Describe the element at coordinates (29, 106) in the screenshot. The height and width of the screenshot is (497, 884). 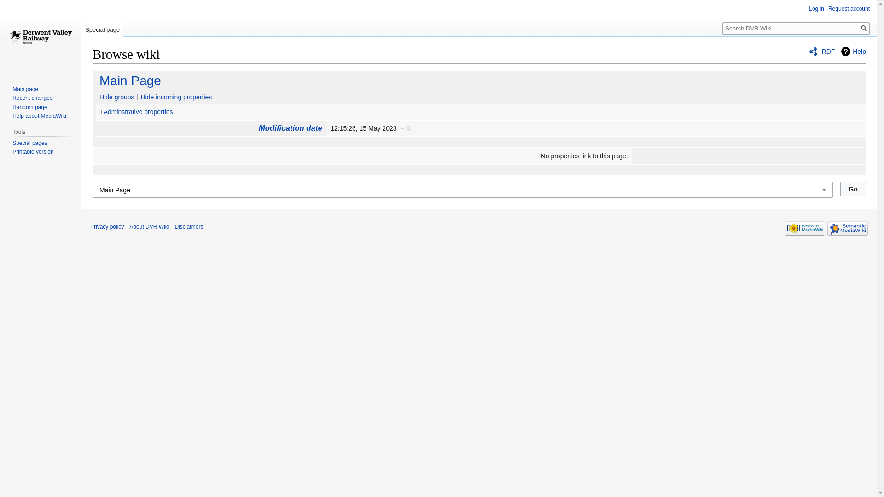
I see `'Random page'` at that location.